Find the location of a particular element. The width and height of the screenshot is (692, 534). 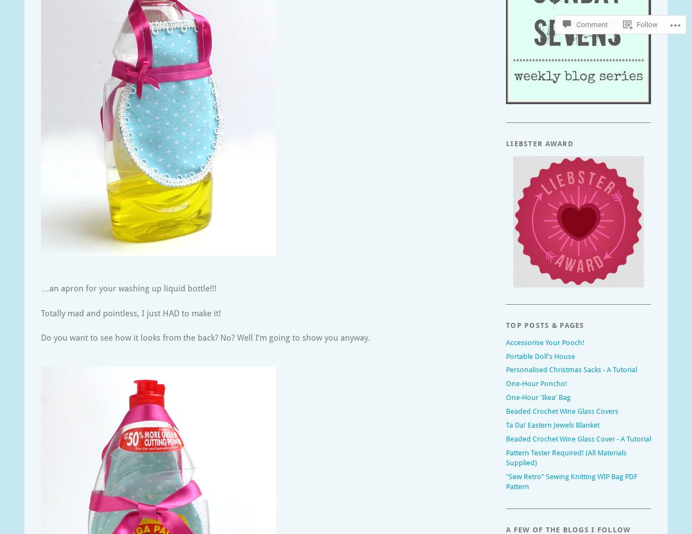

'One-Hour 'Ikea' Bag' is located at coordinates (538, 397).